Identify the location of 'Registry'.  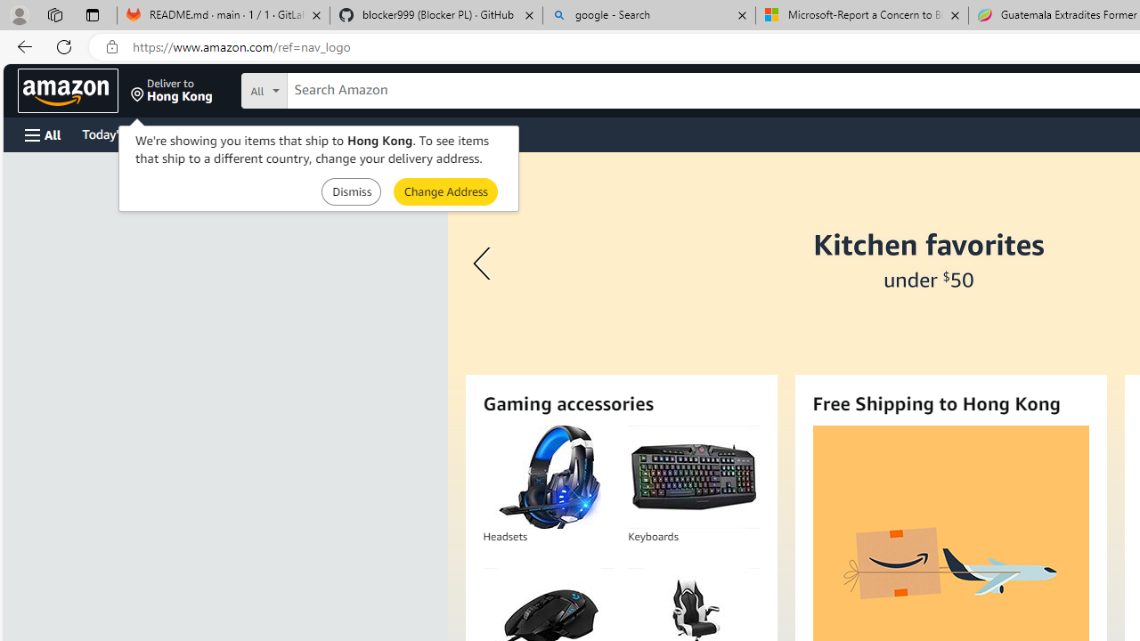
(321, 133).